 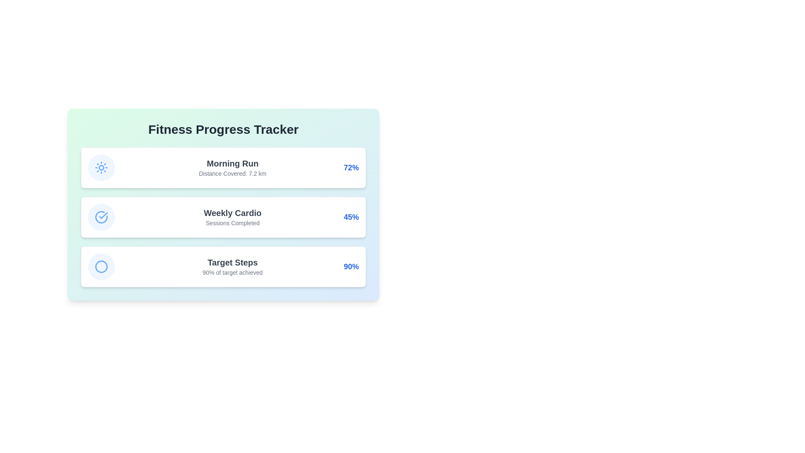 I want to click on the Information Card element that displays 'Target Steps' and '90% of target achieved', located in the 'Fitness Progress Tracker' section as the third item in the list, so click(x=223, y=267).